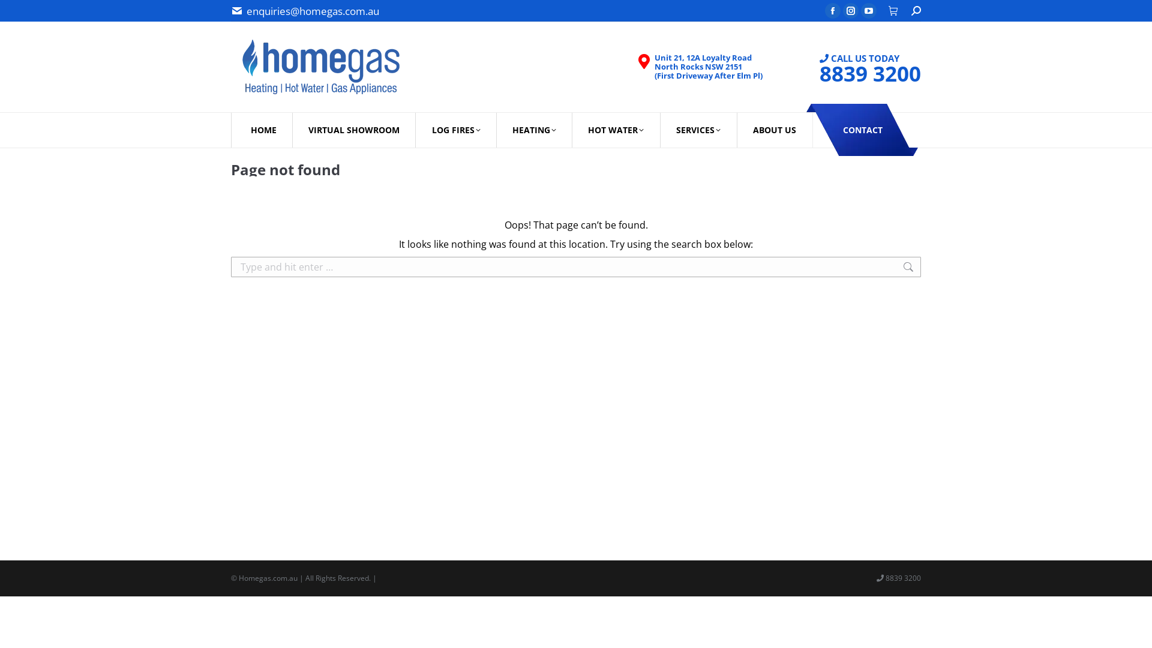 This screenshot has width=1152, height=648. What do you see at coordinates (262, 130) in the screenshot?
I see `'HOME'` at bounding box center [262, 130].